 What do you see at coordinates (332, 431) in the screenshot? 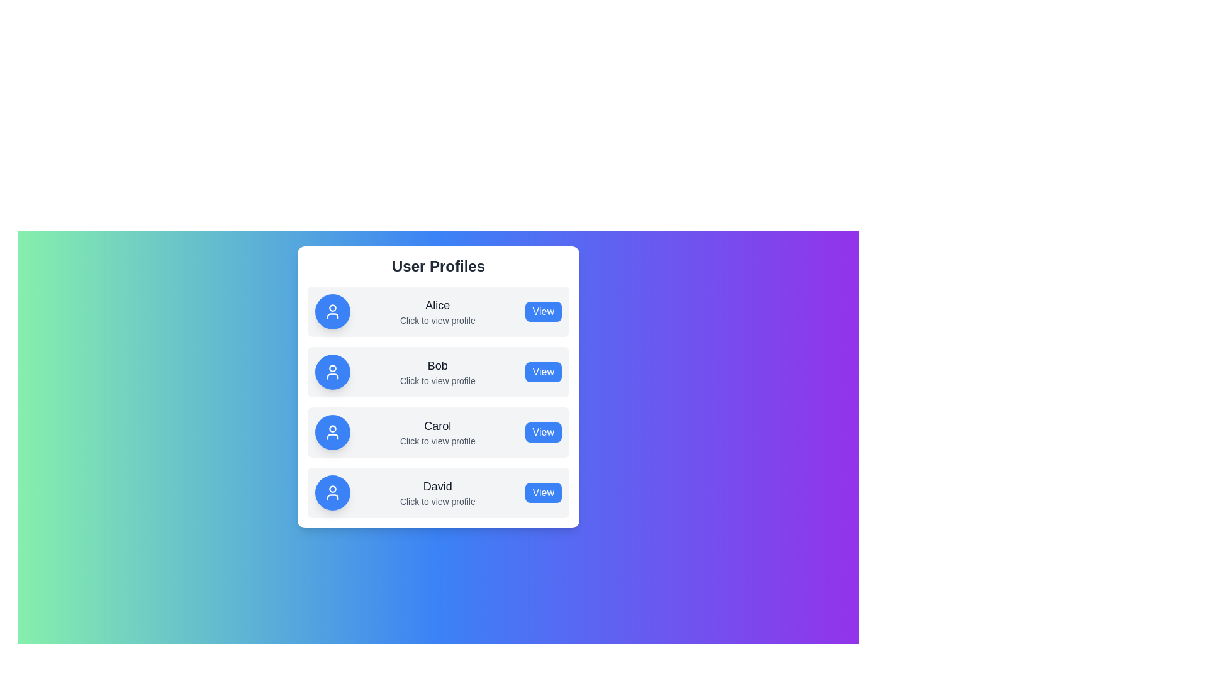
I see `the circular avatar icon with a blue background and a white profile symbol, located on the profile card labeled 'Carol', which is the third card in the vertical list of user profiles` at bounding box center [332, 431].